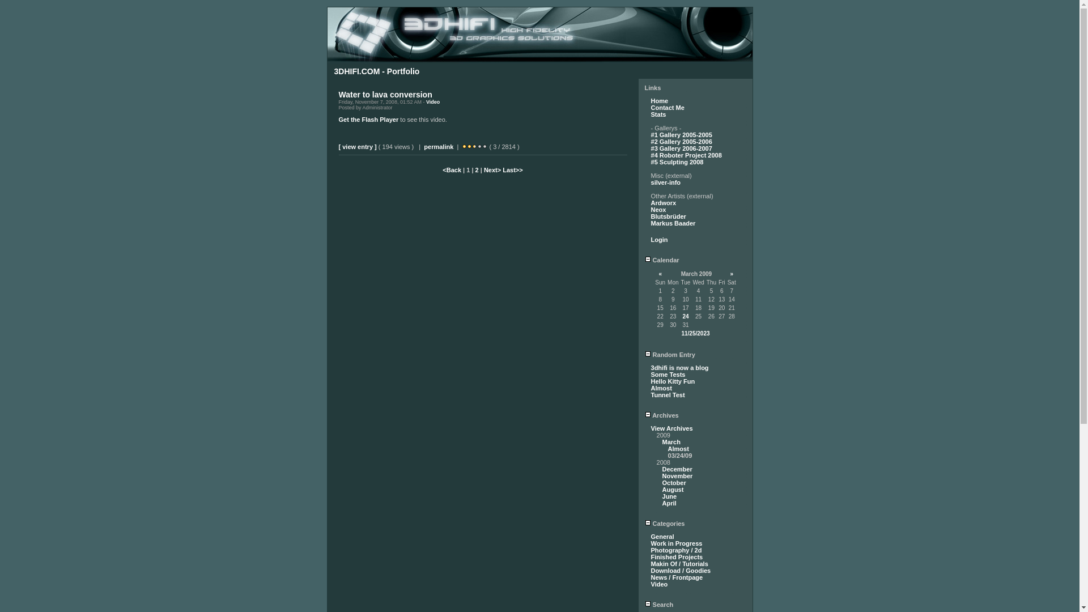 The image size is (1088, 612). I want to click on 'Search', so click(644, 604).